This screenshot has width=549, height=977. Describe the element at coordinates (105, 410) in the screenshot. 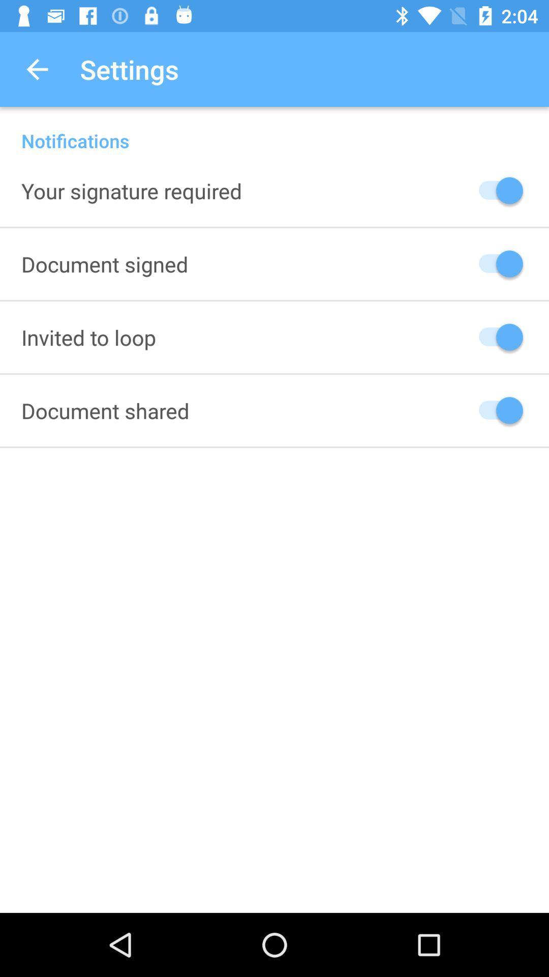

I see `icon below invited to loop item` at that location.